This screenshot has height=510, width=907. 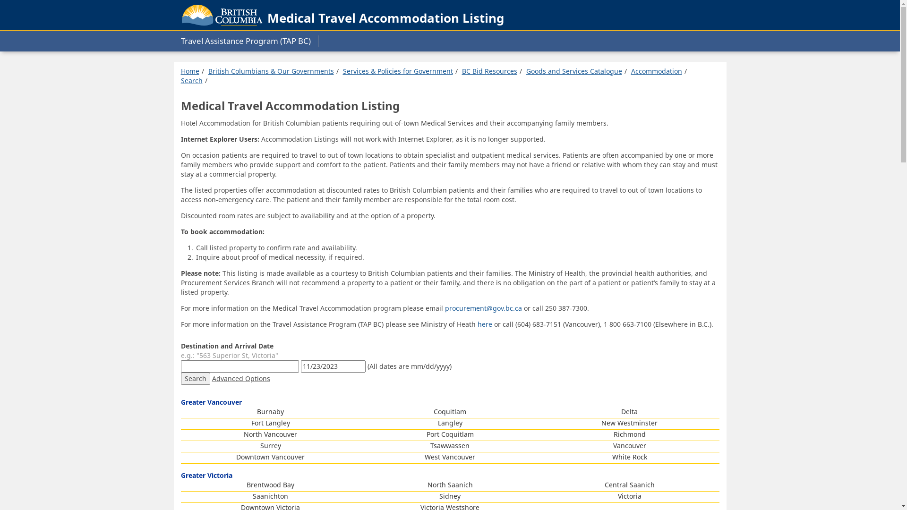 I want to click on 'Tsawwassen', so click(x=449, y=445).